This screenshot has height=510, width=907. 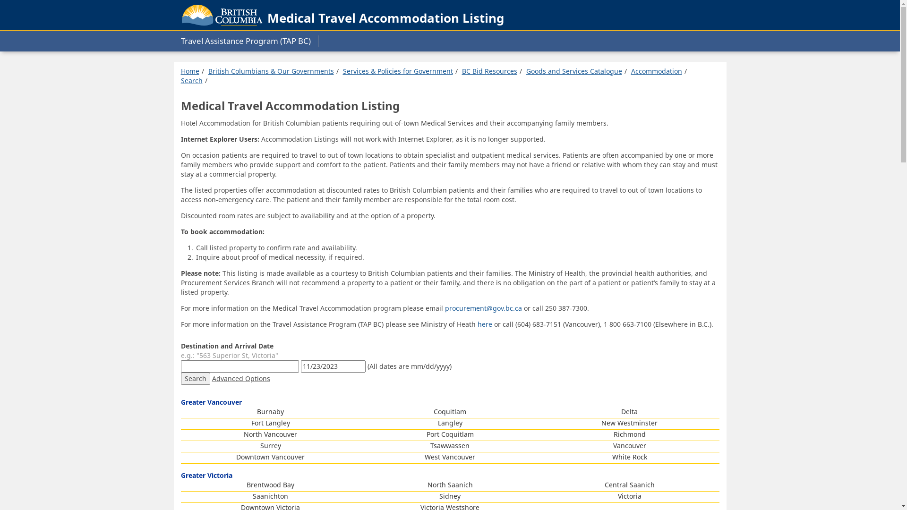 I want to click on 'Tsawwassen', so click(x=449, y=445).